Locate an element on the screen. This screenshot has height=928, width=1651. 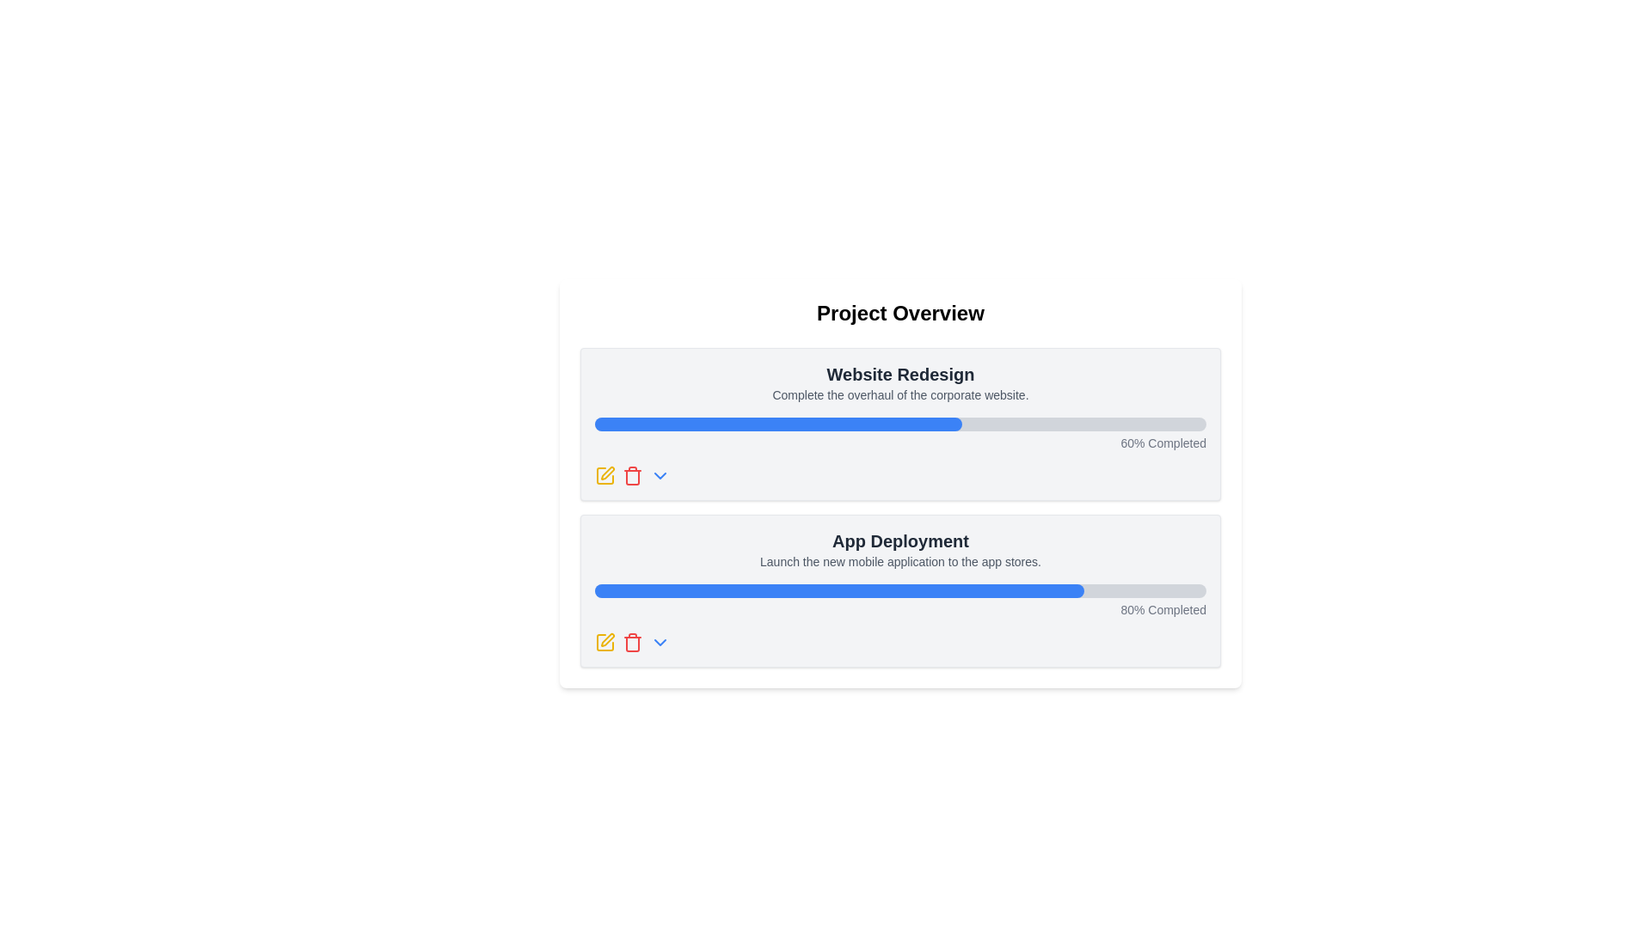
the button/icon used to initiate an edit operation for the 'Website Redesign' project, which is positioned below the header and next to a progress bar is located at coordinates (605, 476).